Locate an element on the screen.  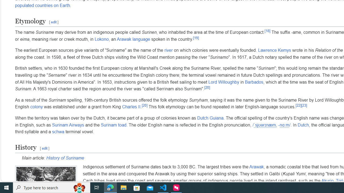
'Akurio' is located at coordinates (327, 181).